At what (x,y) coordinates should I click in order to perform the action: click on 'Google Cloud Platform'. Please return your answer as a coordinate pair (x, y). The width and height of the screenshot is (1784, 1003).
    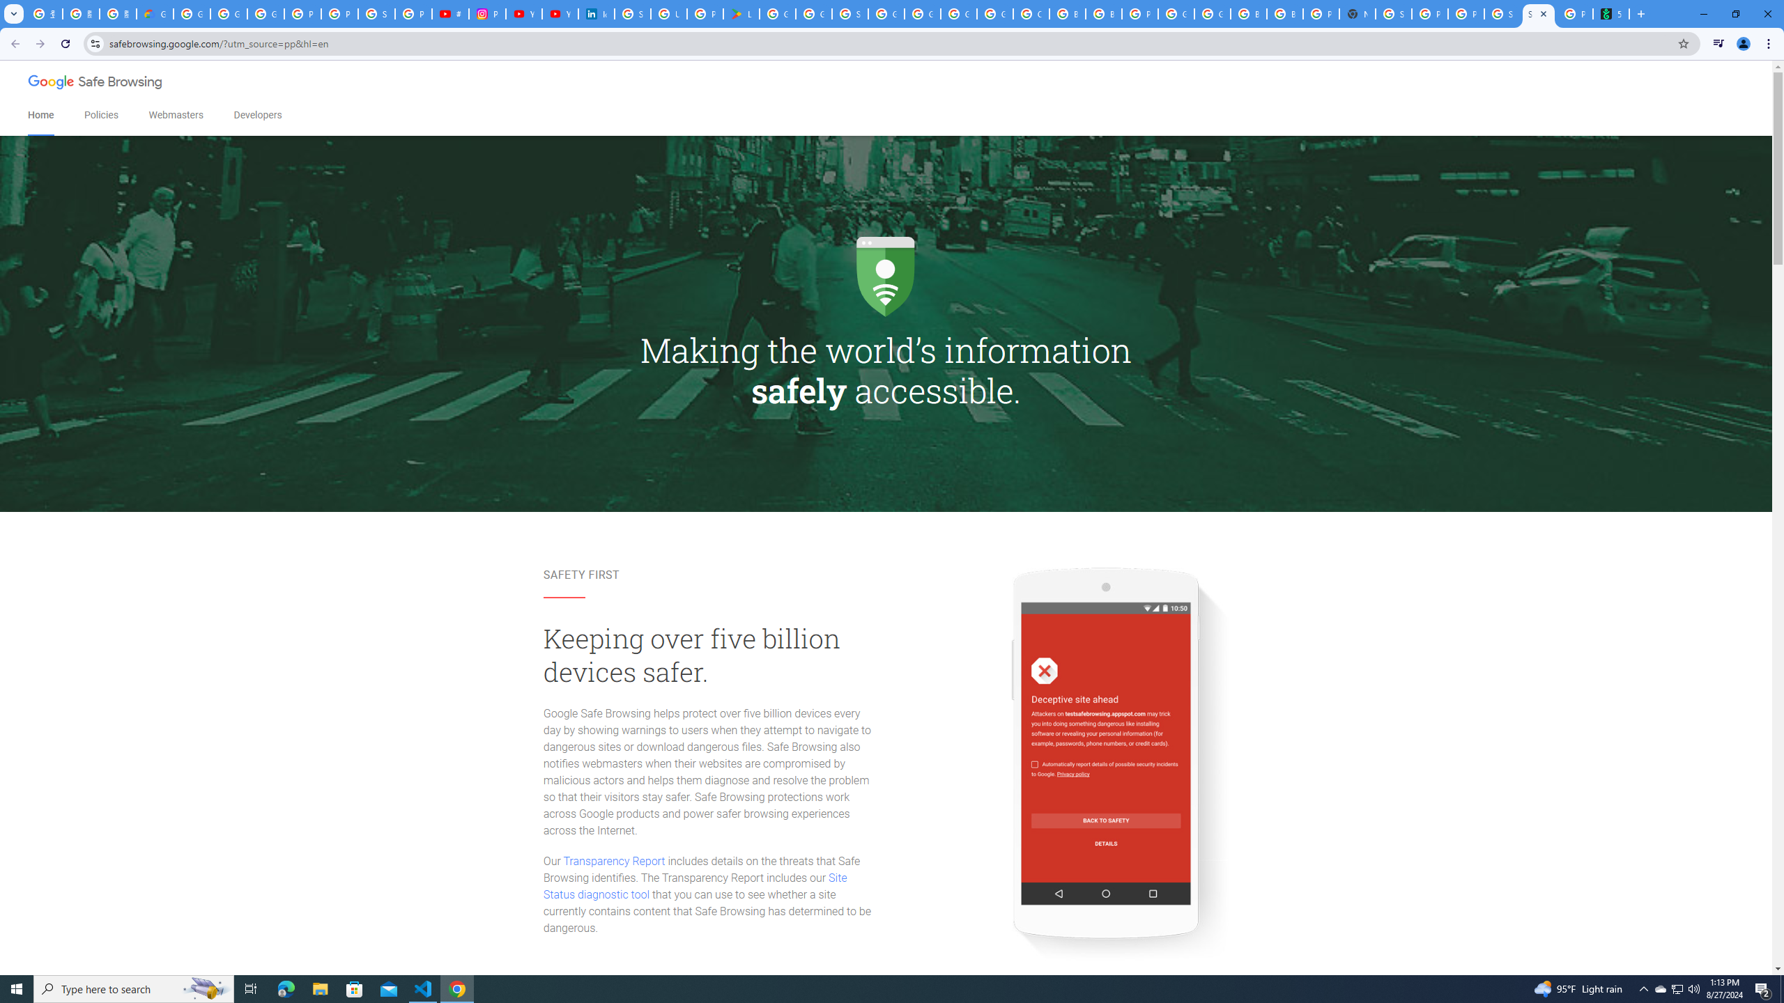
    Looking at the image, I should click on (1211, 13).